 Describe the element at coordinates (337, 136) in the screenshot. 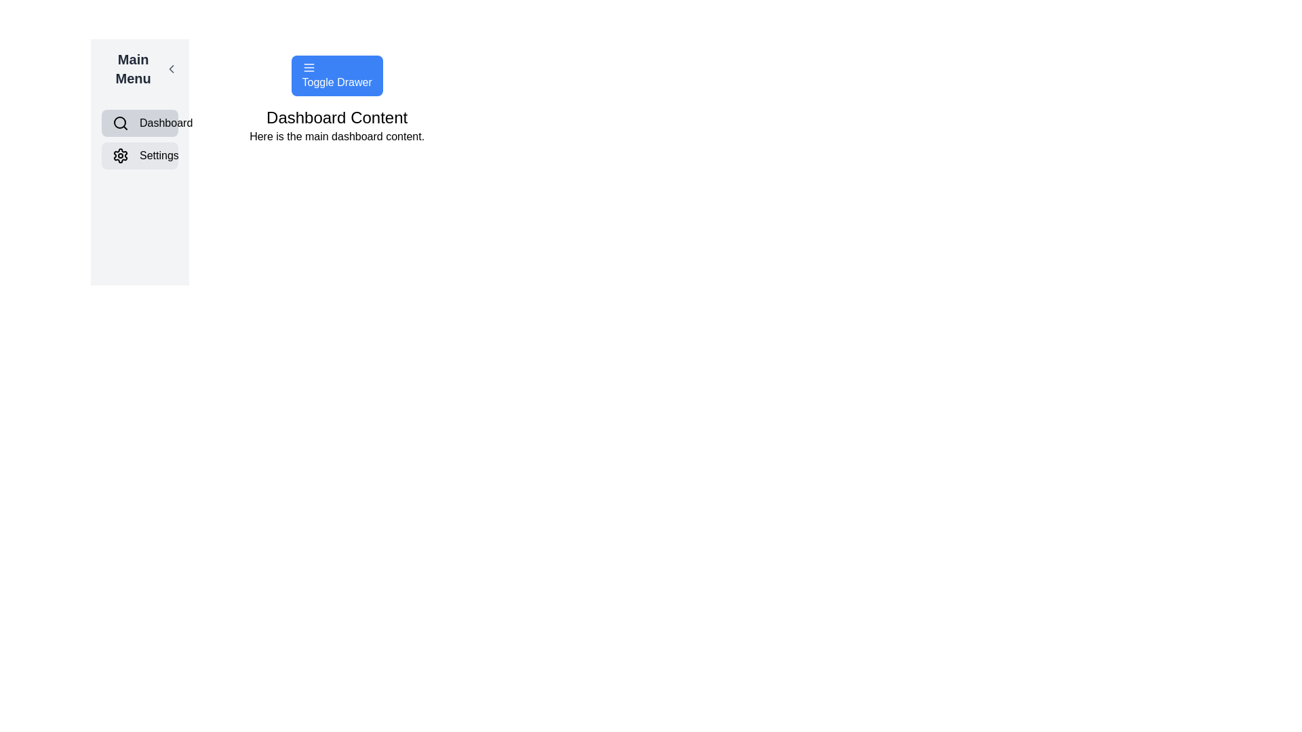

I see `text content of the Text Label that states 'Here is the main dashboard content.' This label is located below the 'Dashboard Content' element` at that location.